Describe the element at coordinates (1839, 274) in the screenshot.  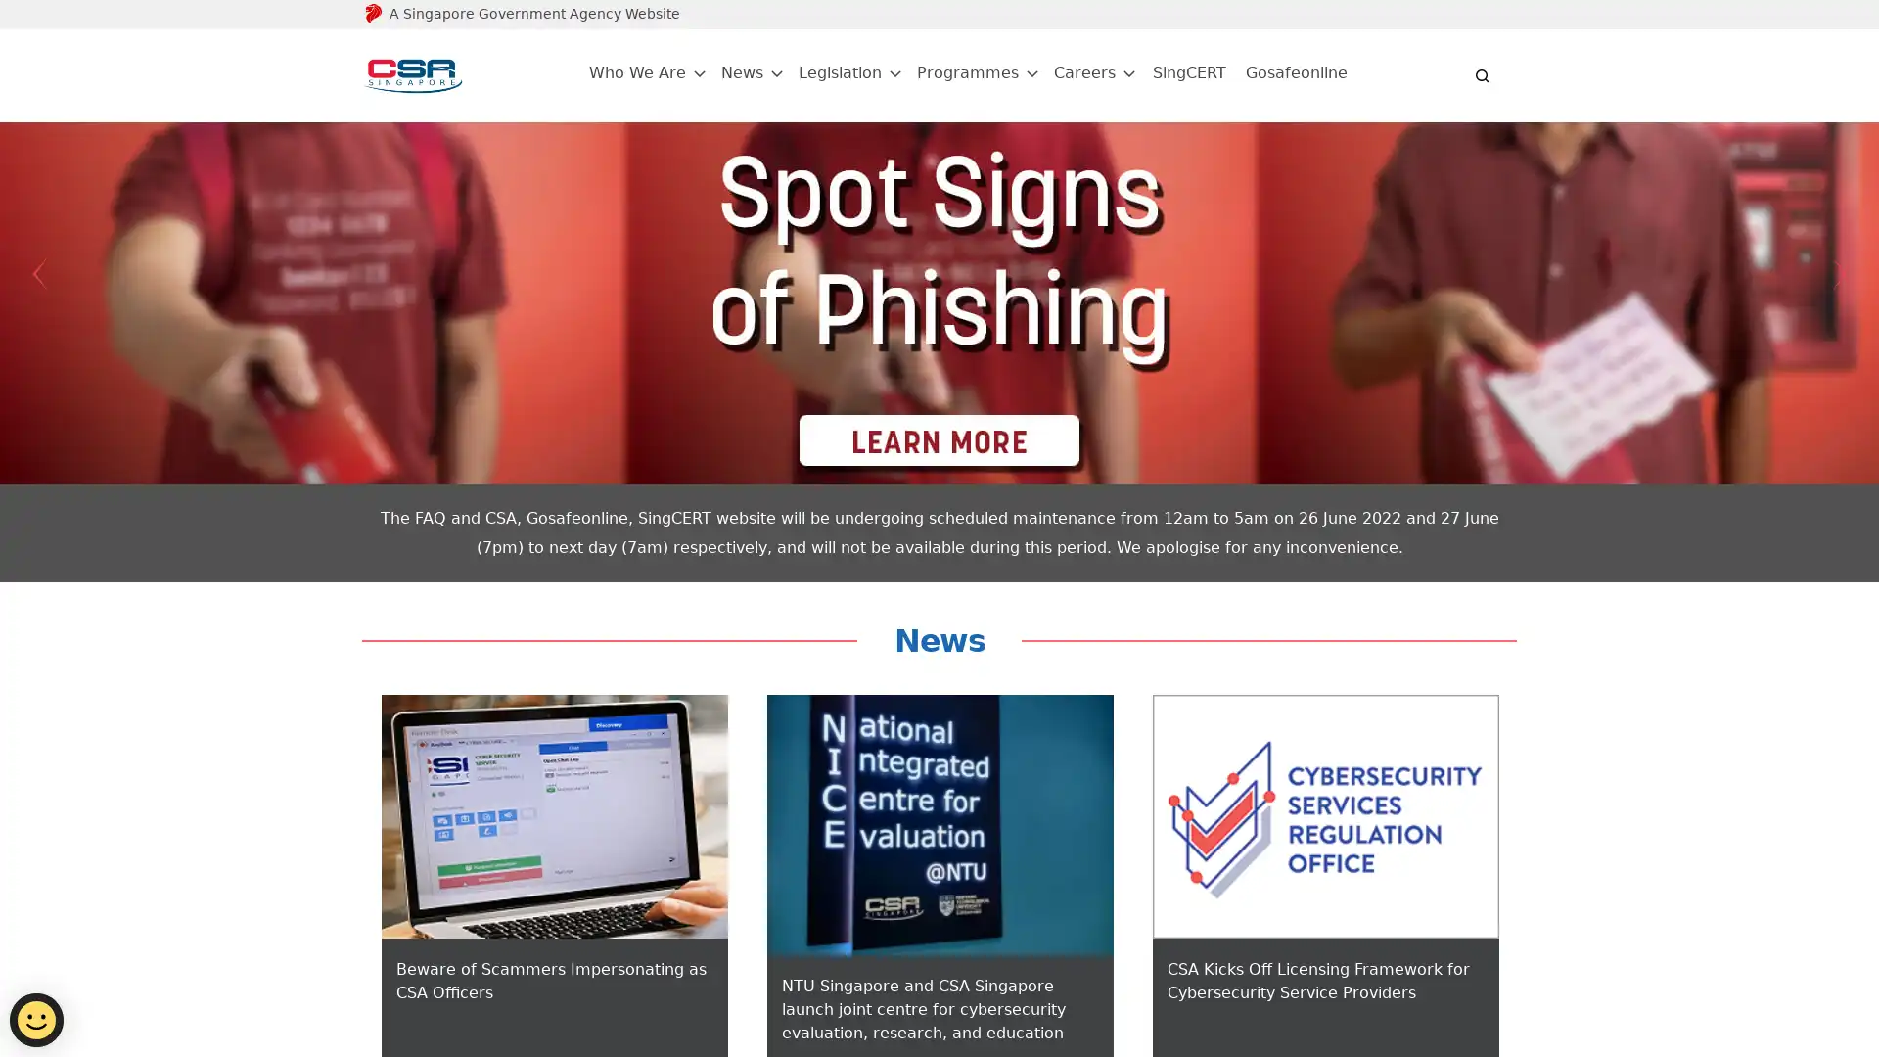
I see `Next` at that location.